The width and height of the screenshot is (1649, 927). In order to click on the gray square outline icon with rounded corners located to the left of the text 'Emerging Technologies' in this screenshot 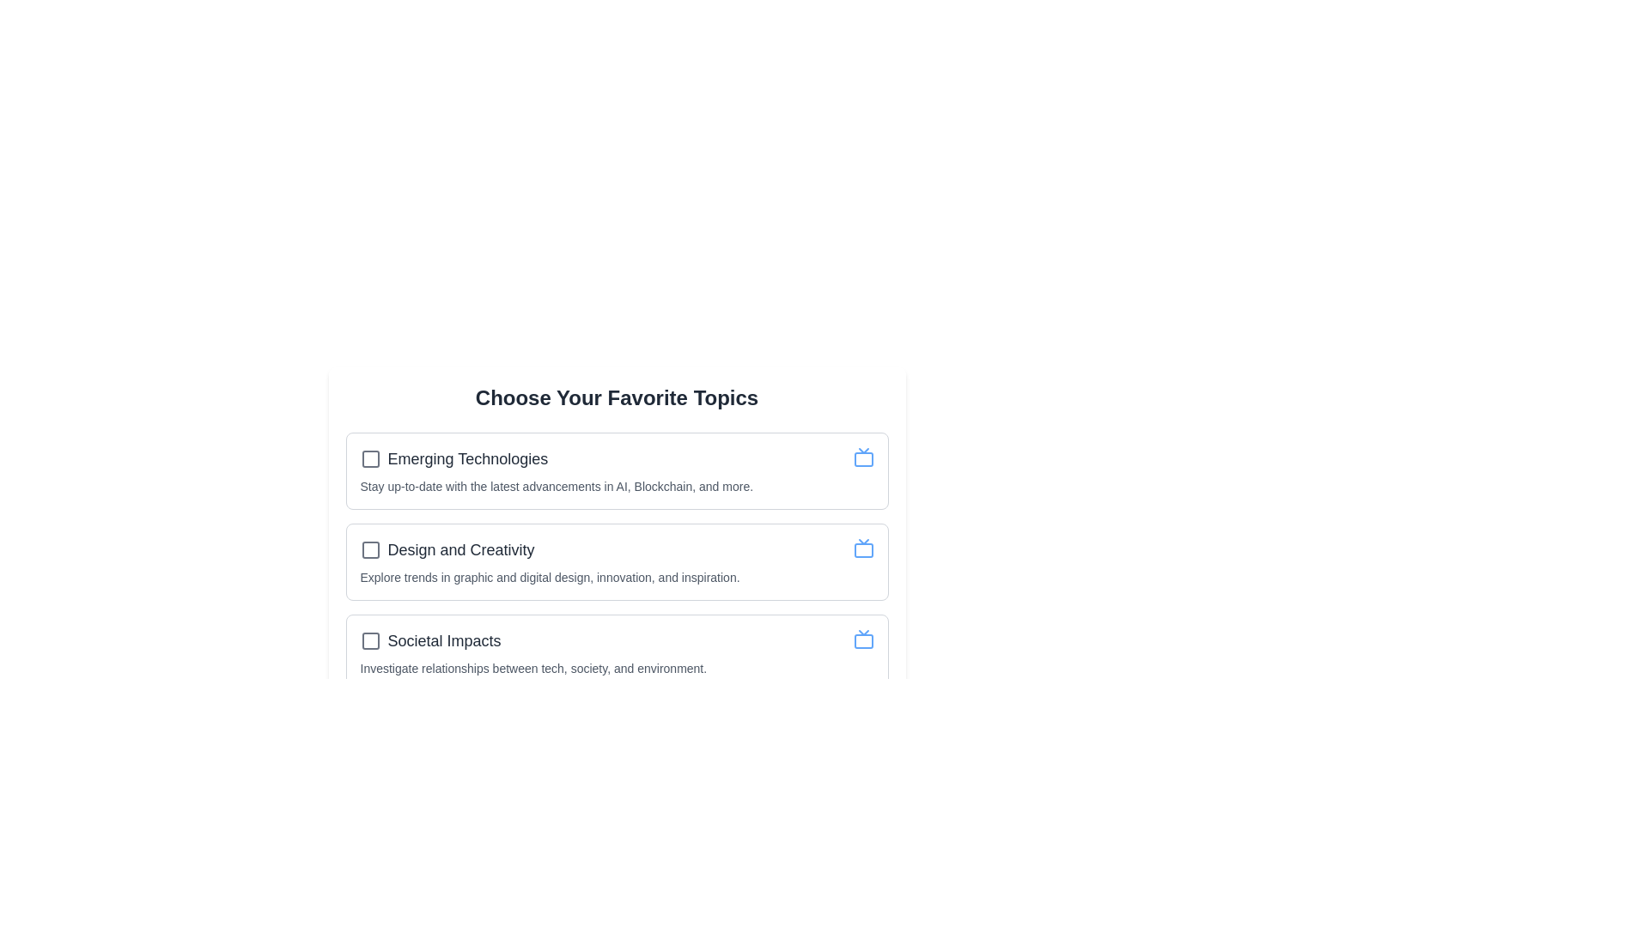, I will do `click(369, 458)`.